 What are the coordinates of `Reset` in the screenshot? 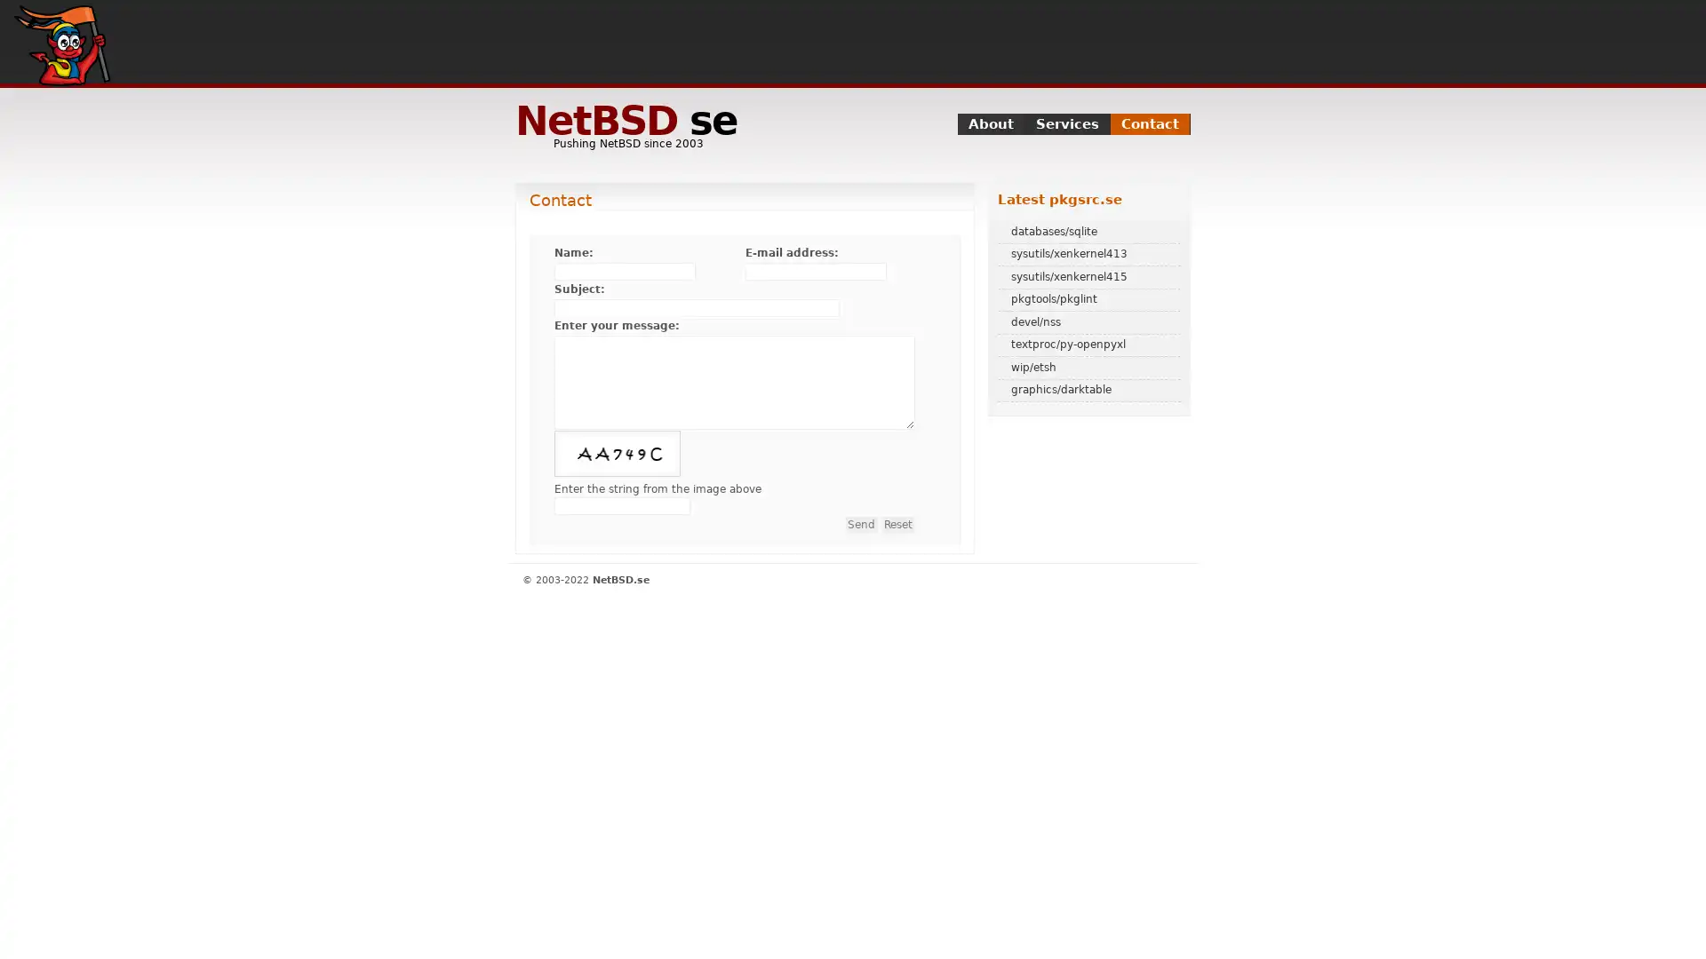 It's located at (898, 523).